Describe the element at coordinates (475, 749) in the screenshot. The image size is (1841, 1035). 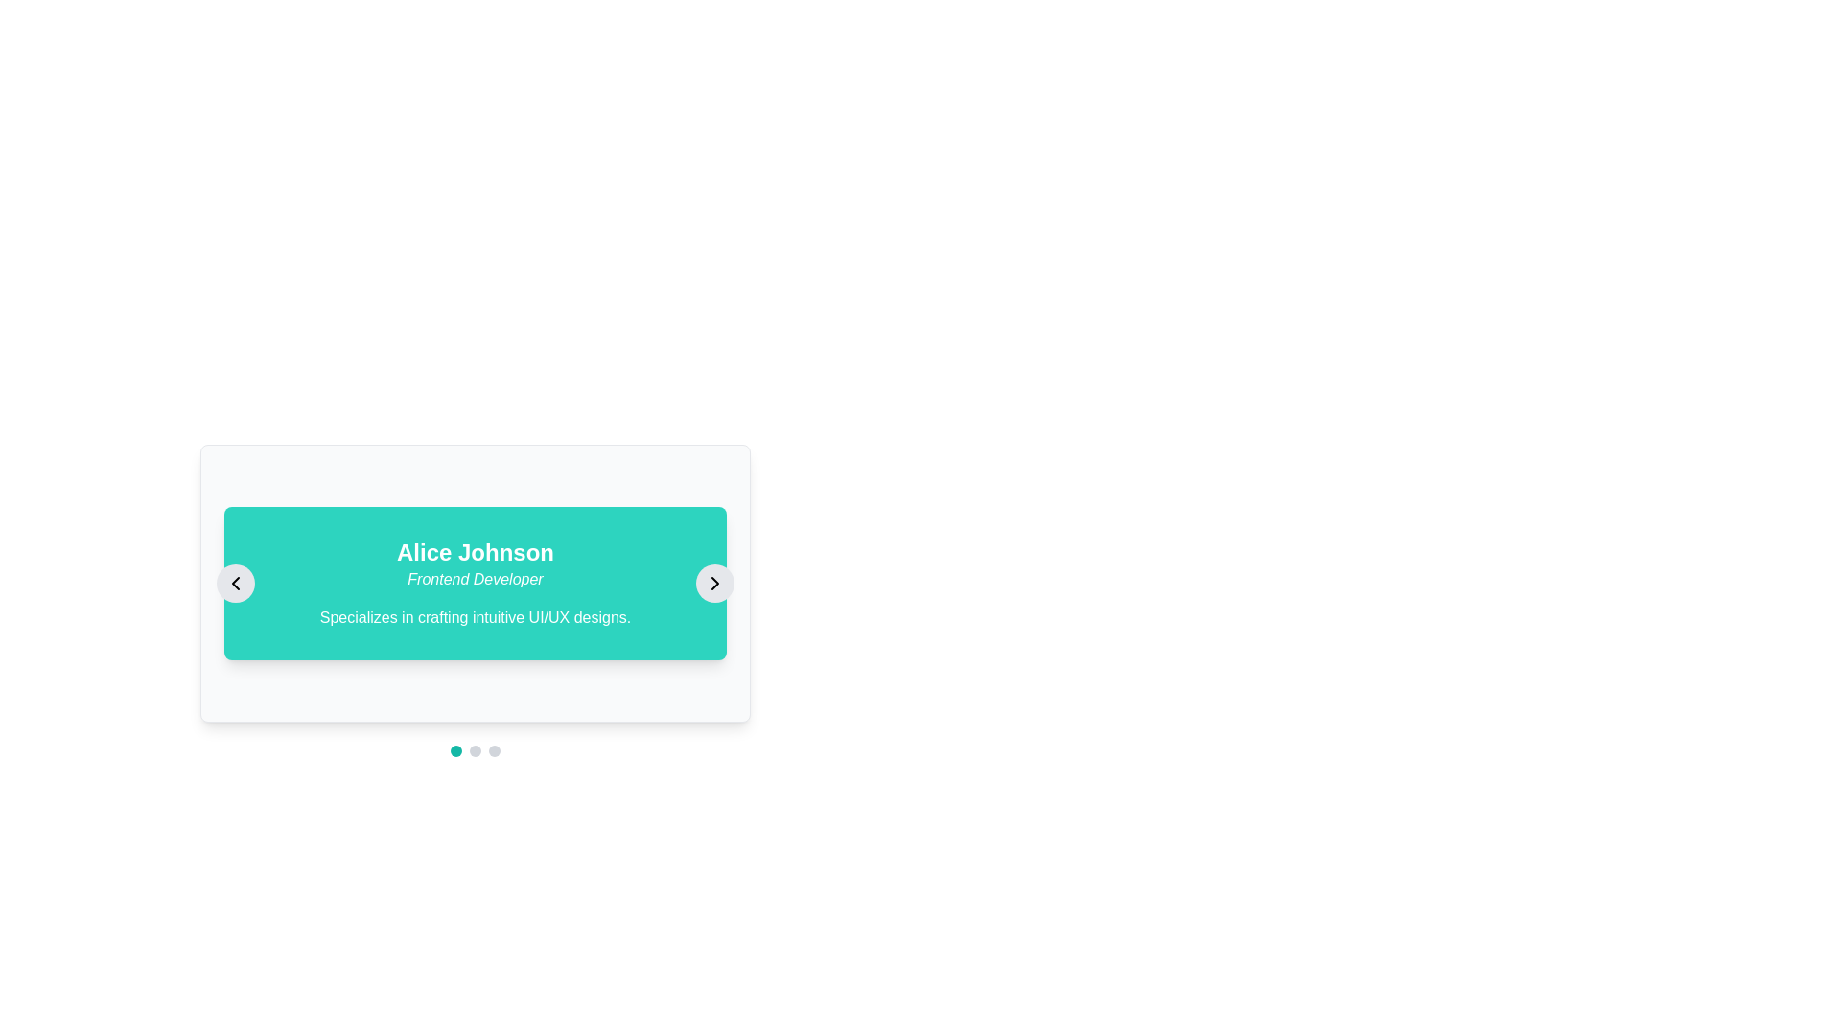
I see `the second navigation dot to switch to the corresponding section of the content` at that location.